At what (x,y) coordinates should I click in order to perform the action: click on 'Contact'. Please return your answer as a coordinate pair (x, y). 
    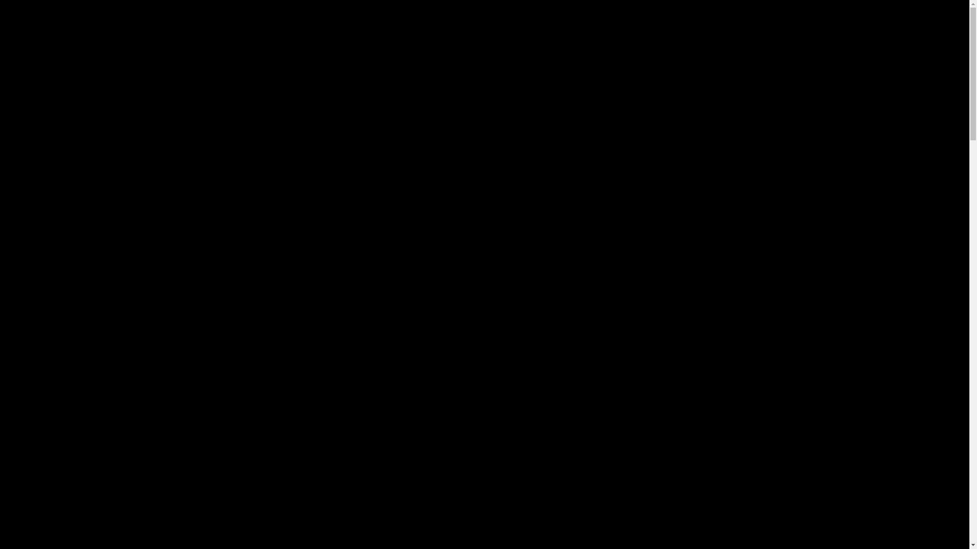
    Looking at the image, I should click on (37, 54).